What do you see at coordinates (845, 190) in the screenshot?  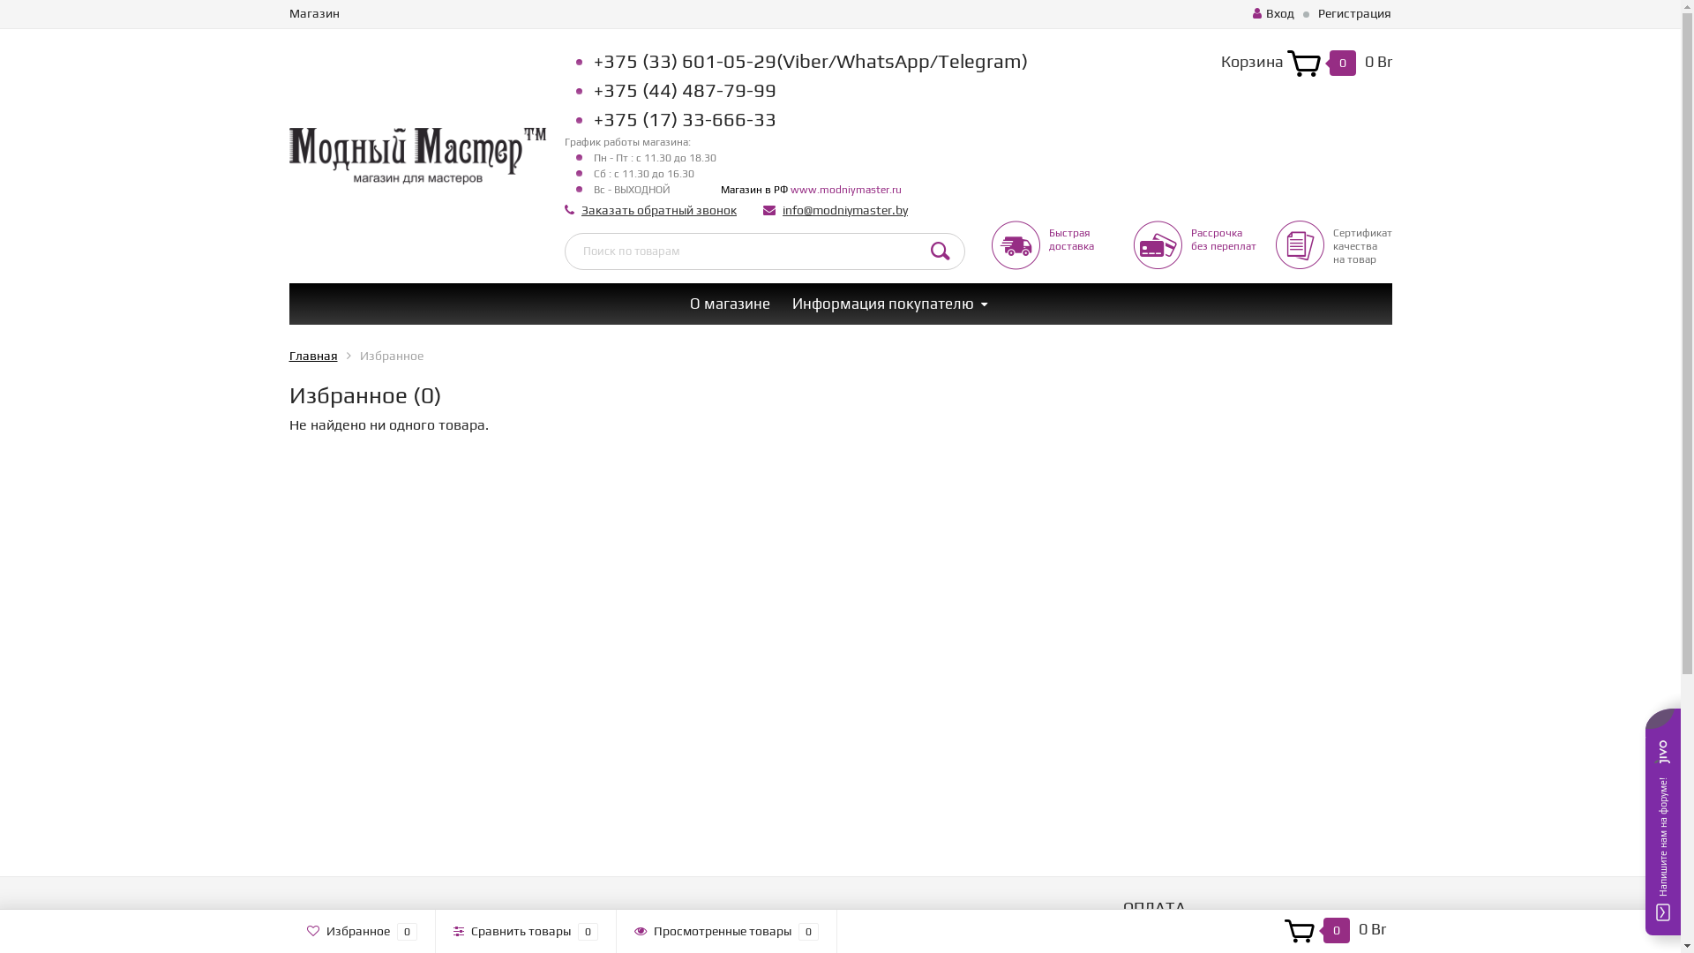 I see `'www.modniymaster.ru'` at bounding box center [845, 190].